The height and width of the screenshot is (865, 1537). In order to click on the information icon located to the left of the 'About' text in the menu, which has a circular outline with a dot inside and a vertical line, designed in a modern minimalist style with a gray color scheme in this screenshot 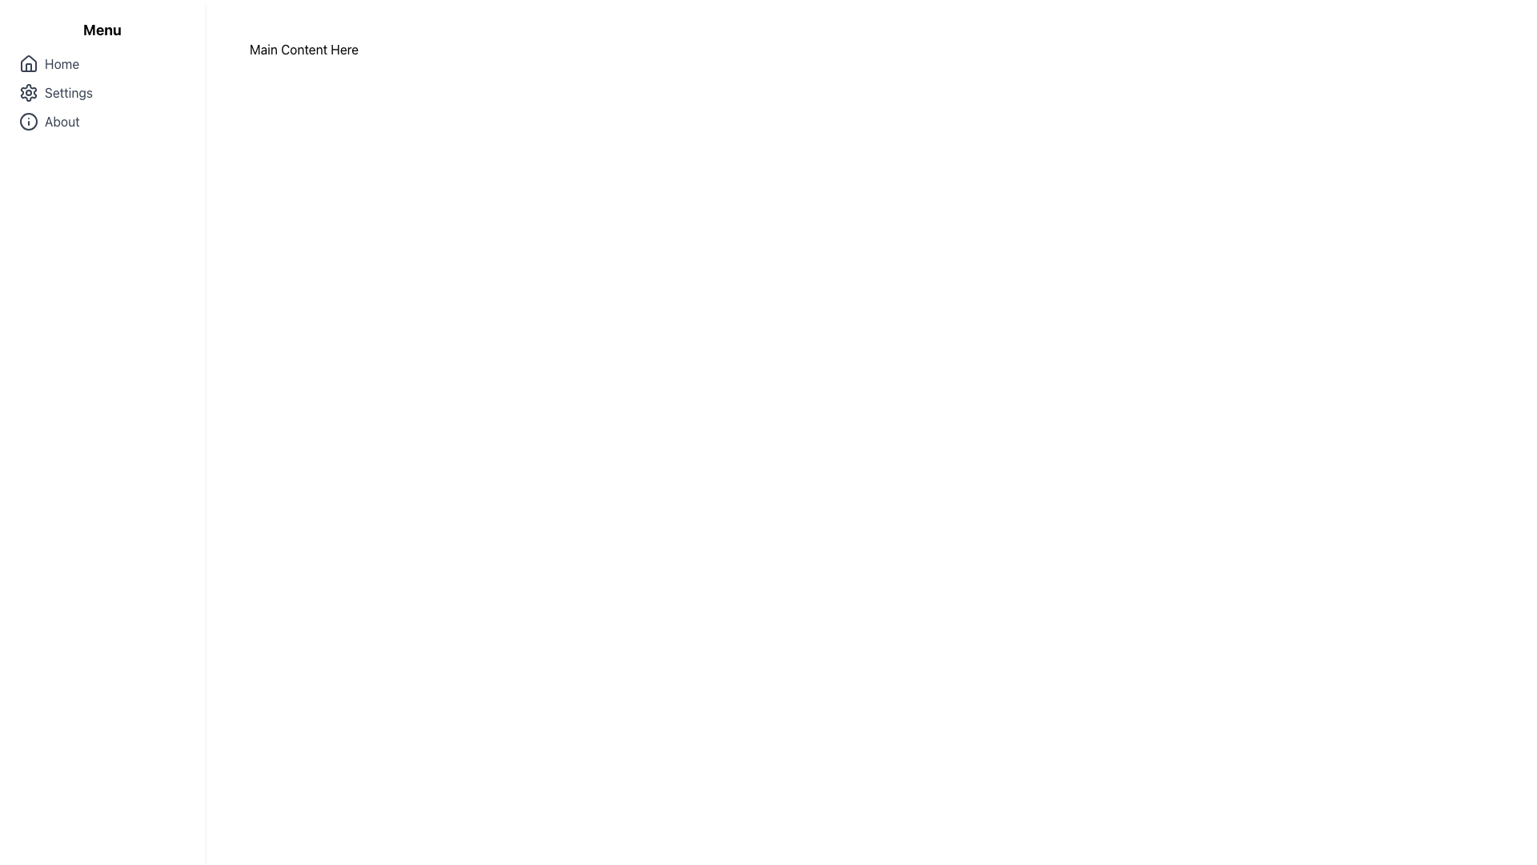, I will do `click(28, 120)`.